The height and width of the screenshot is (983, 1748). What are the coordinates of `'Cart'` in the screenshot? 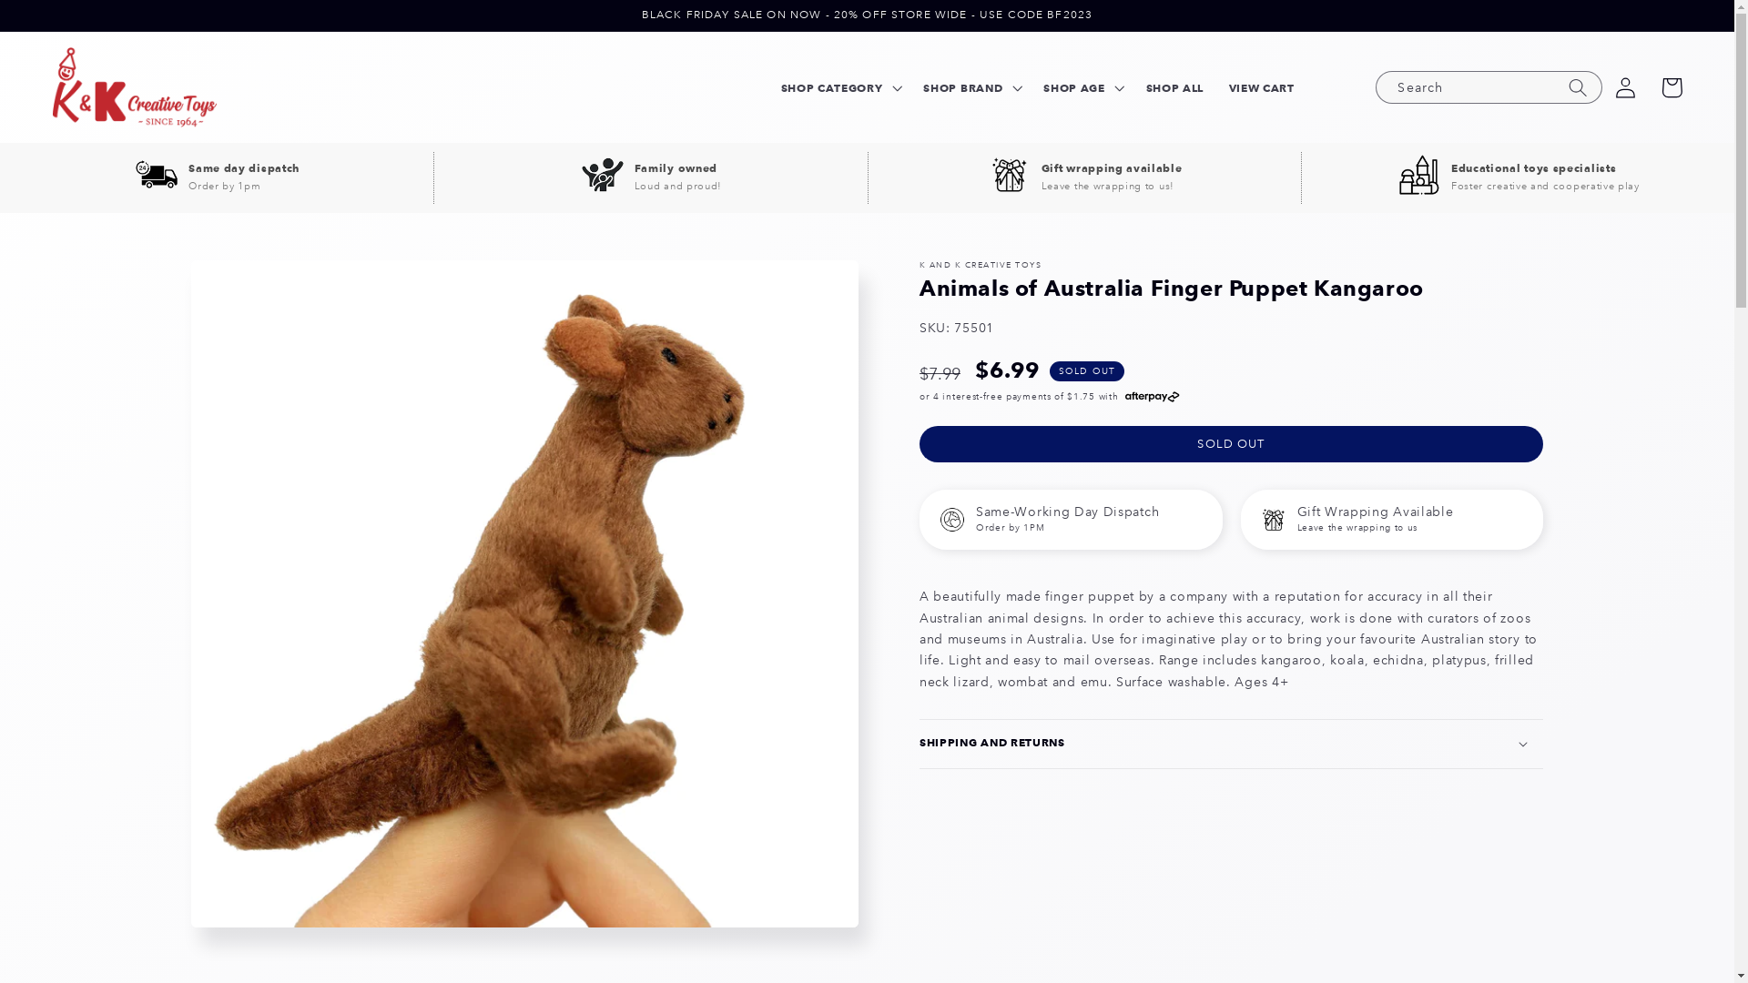 It's located at (1672, 87).